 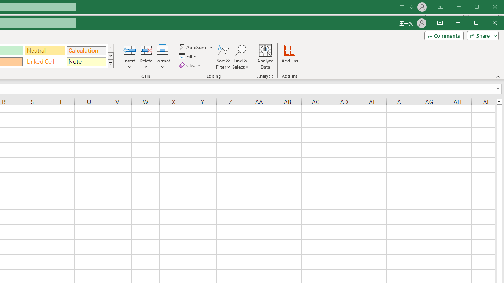 What do you see at coordinates (110, 48) in the screenshot?
I see `'Row up'` at bounding box center [110, 48].